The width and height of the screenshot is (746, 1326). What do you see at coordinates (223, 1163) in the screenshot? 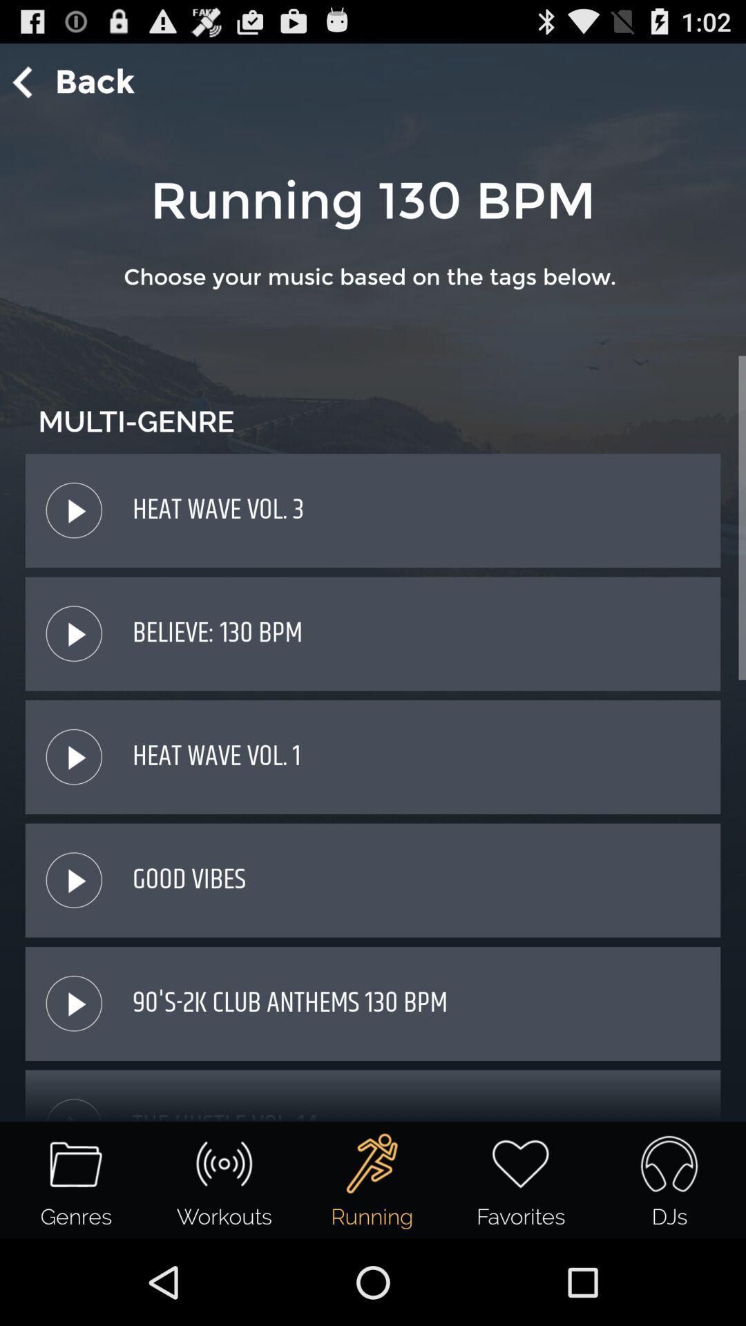
I see `the workouts option` at bounding box center [223, 1163].